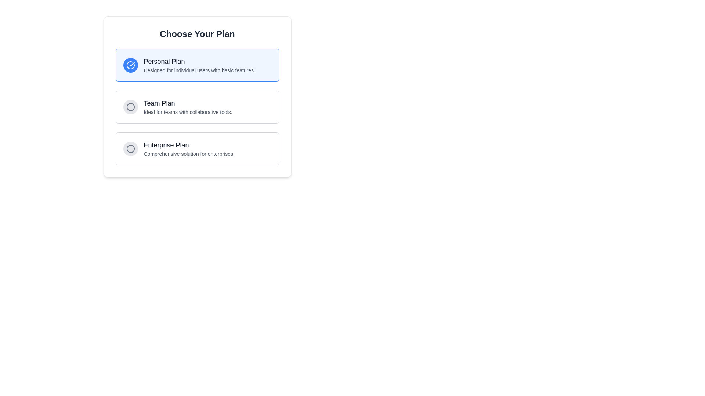  Describe the element at coordinates (197, 107) in the screenshot. I see `the 'Team Plan' selectable card to confirm selection, which is the middle card in a vertical list of subscription options` at that location.